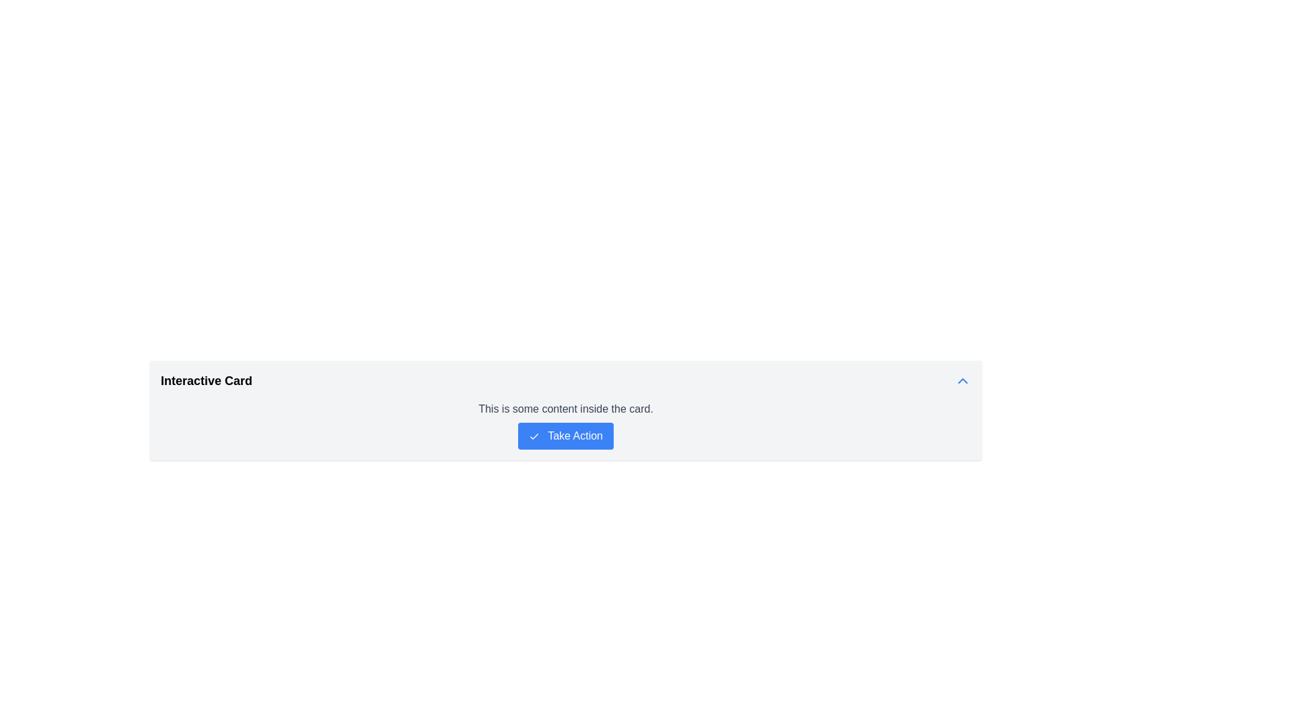 The image size is (1292, 727). What do you see at coordinates (206, 381) in the screenshot?
I see `the Text Label (Heading Style) located at the left side of the card component's top horizontal bar` at bounding box center [206, 381].